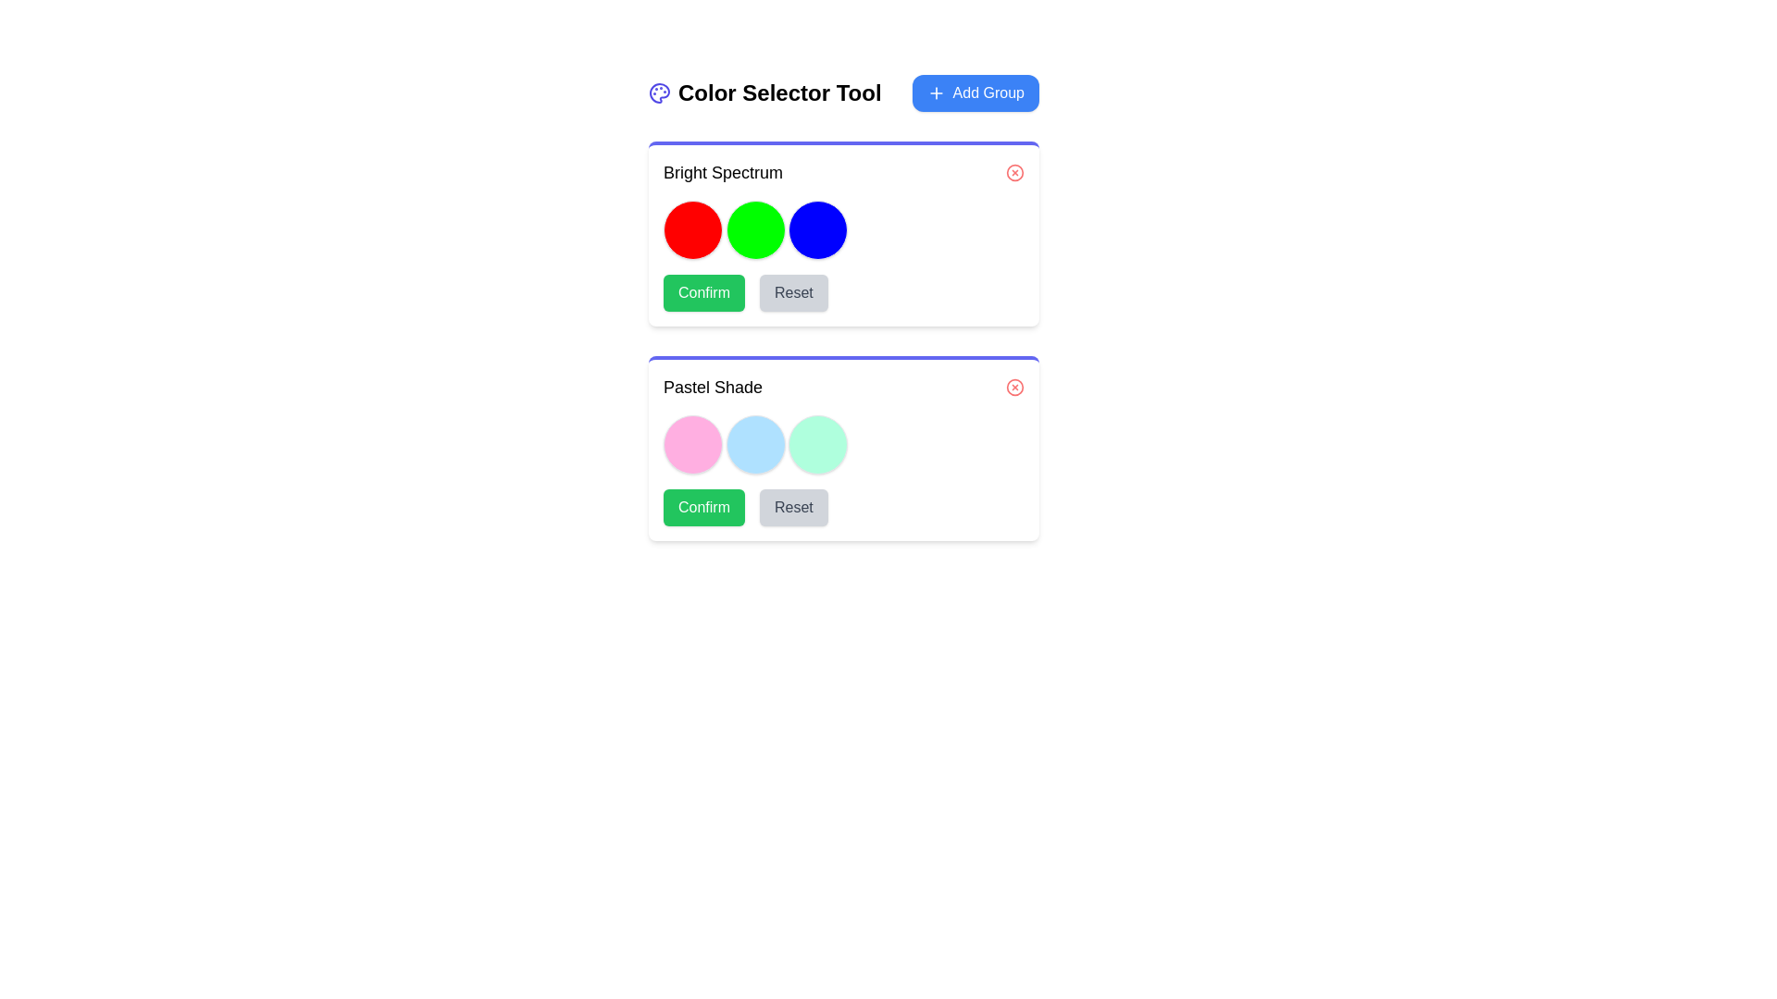  I want to click on the horizontal grid containing pastel color options, so click(843, 445).